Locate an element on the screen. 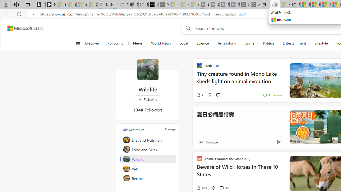 The image size is (341, 192). 'Science' is located at coordinates (202, 43).